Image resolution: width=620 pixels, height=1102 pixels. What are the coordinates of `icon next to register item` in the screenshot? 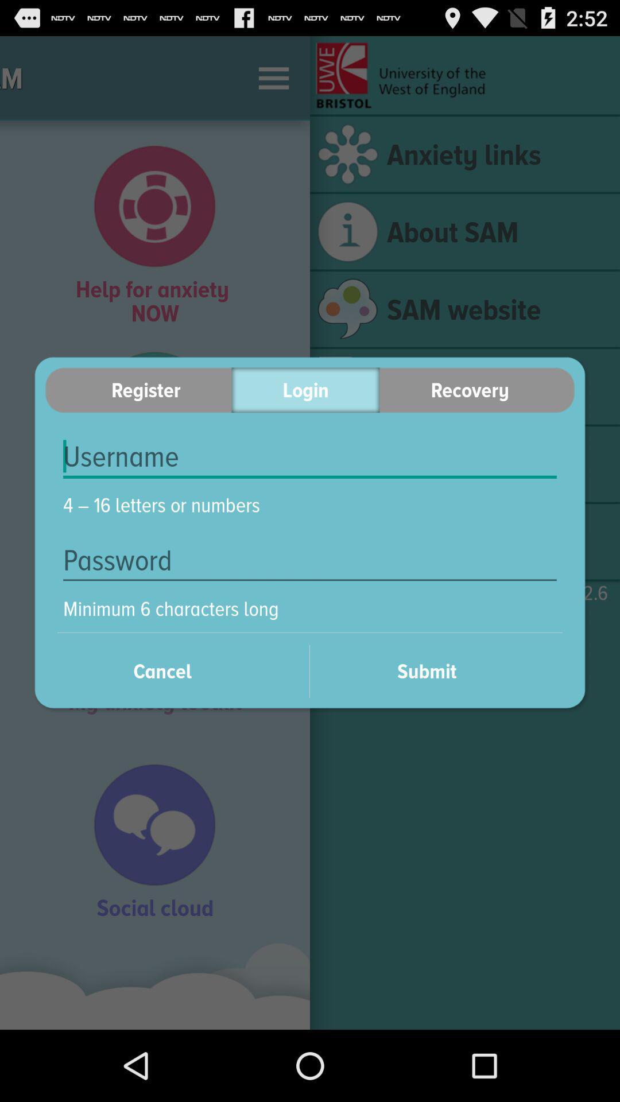 It's located at (305, 390).